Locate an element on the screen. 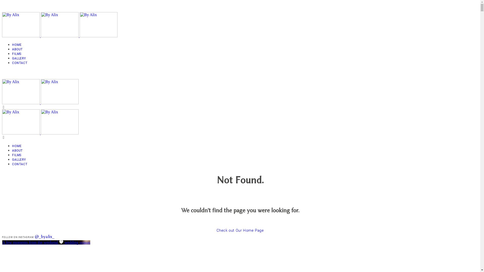 Image resolution: width=484 pixels, height=272 pixels. 'GALLERY' is located at coordinates (19, 58).